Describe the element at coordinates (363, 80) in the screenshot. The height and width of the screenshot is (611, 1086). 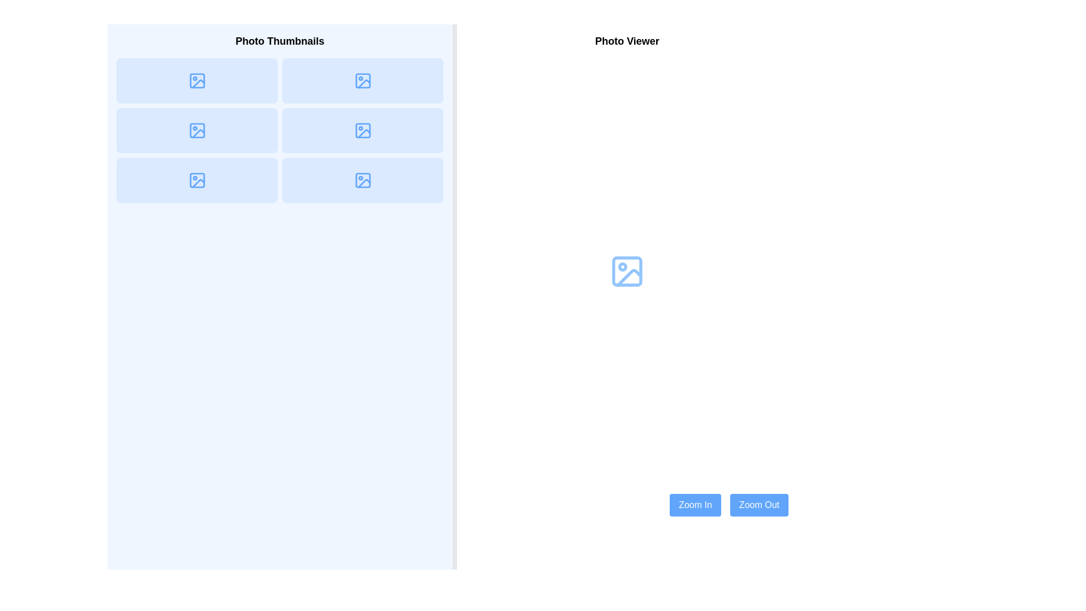
I see `the top-left corner square of the second thumbnail in the first row of the 'Photo Thumbnails' grid, which serves as a decorative shape contributing to the image placeholder icon` at that location.